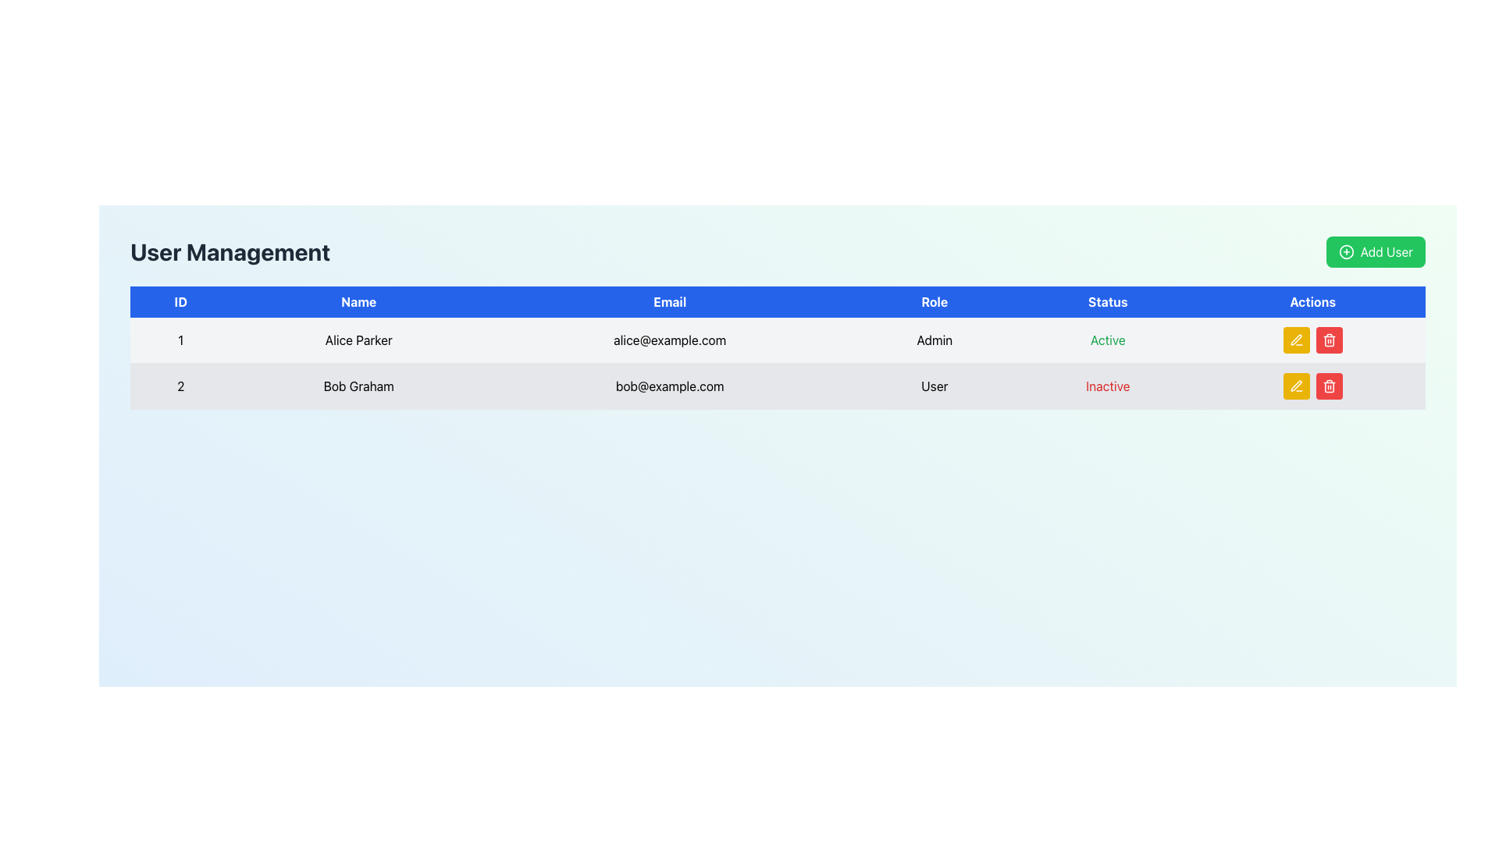 This screenshot has height=843, width=1499. I want to click on the trash bin icon button with a red background in the 'Actions' column for user 'Bob Graham', so click(1328, 339).